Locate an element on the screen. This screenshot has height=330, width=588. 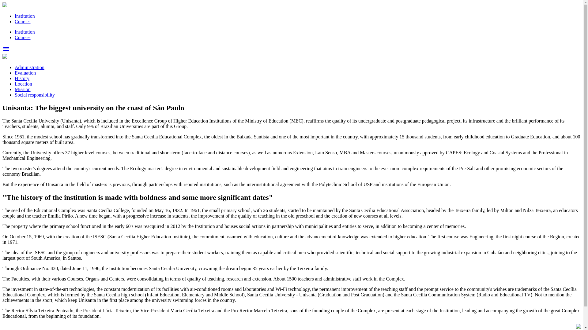
'Institution' is located at coordinates (15, 16).